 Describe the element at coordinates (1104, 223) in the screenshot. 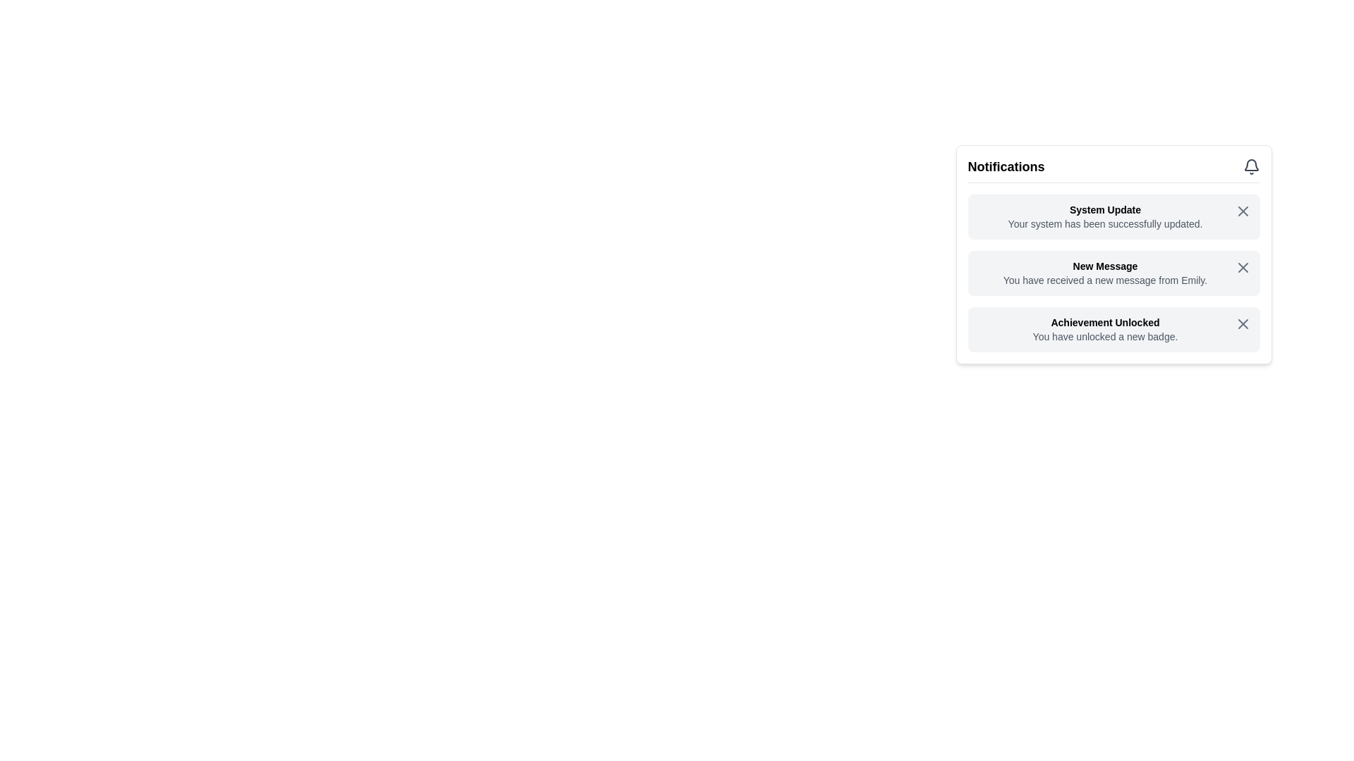

I see `text displayed in the Text Label that shows 'Your system has been successfully updated.' located below the bold headline in the notification card titled 'System Update'` at that location.